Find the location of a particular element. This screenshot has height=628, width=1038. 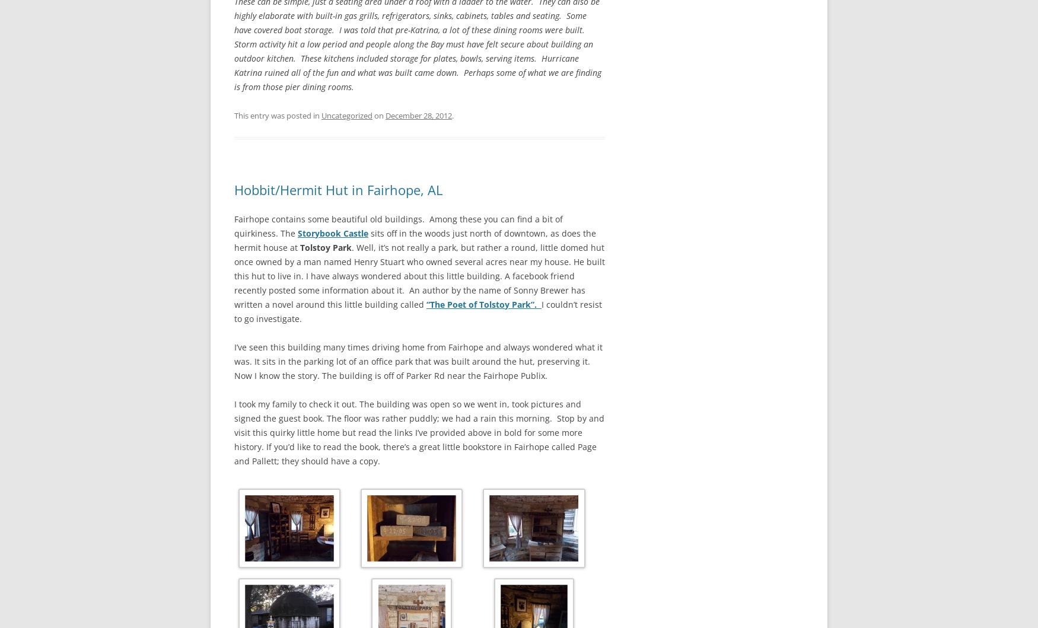

'. Well, it’s not really a park, but rather a round, little domed hut once owned by a man named Henry Stuart who owned several acres near my house. He built this hut to live in. I have always wondered about this little building. A facebook friend recently posted some information about it.  An author by the name of Sonny Brewer has written a novel around this little building called' is located at coordinates (419, 275).